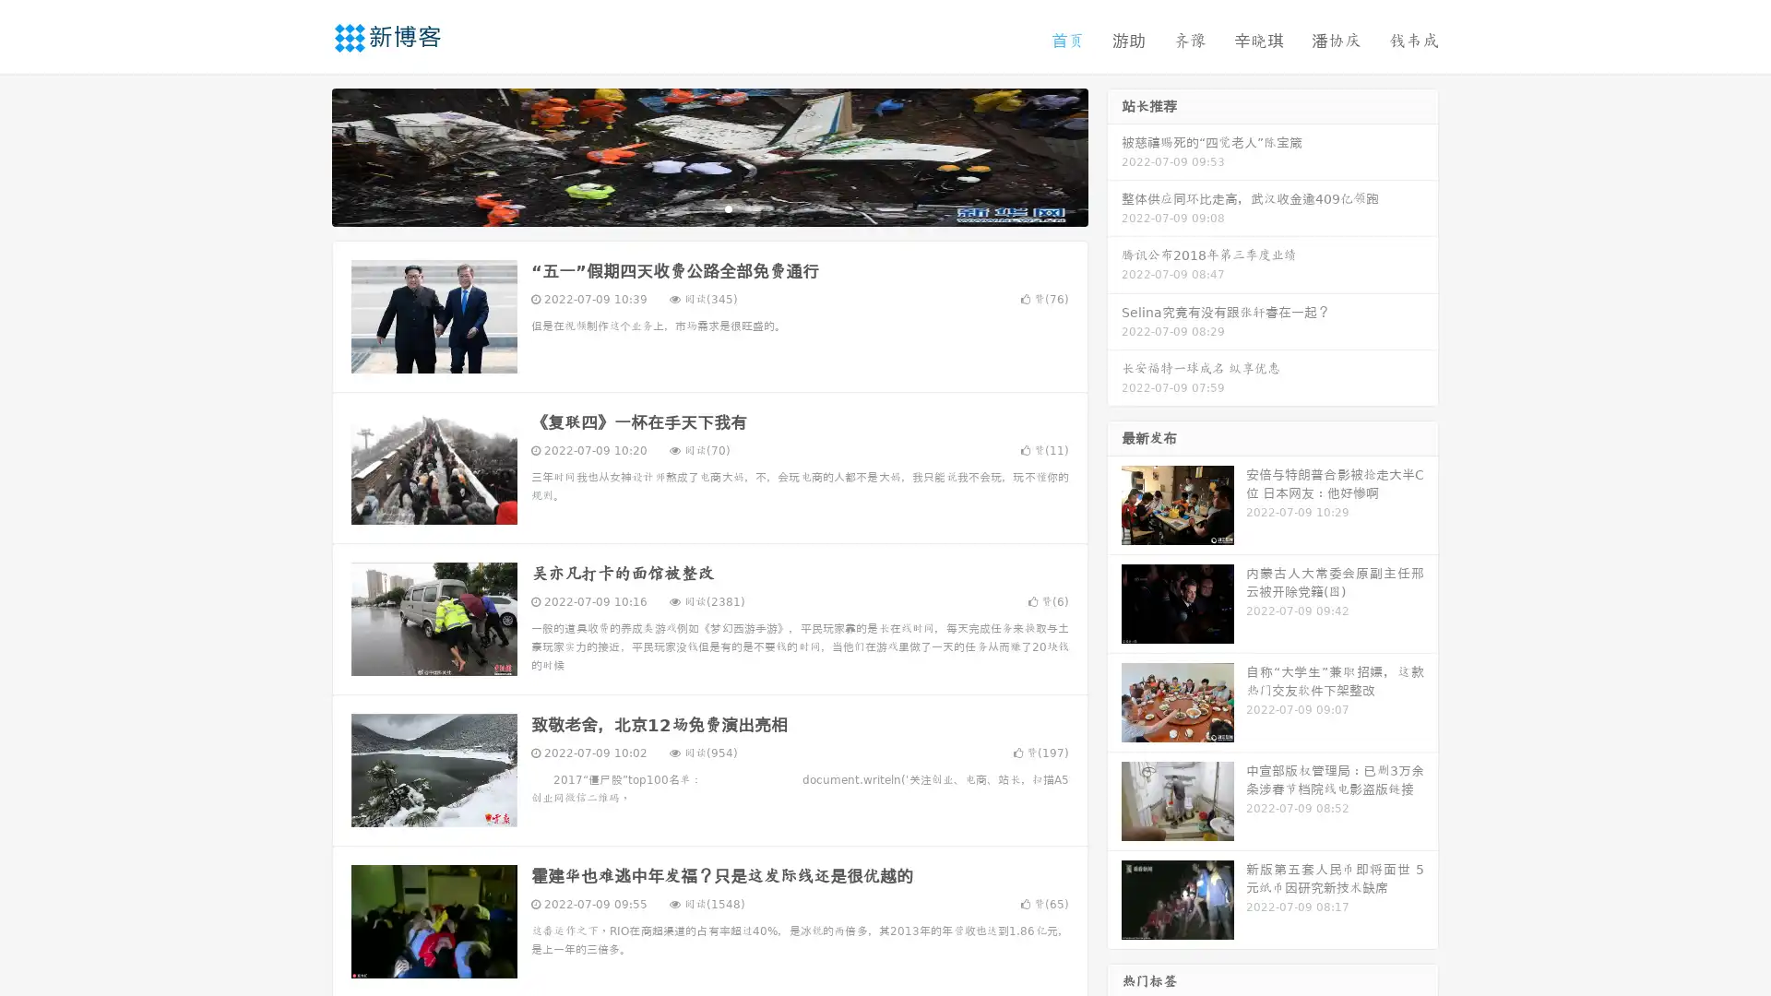 The height and width of the screenshot is (996, 1771). Describe the element at coordinates (728, 207) in the screenshot. I see `Go to slide 3` at that location.